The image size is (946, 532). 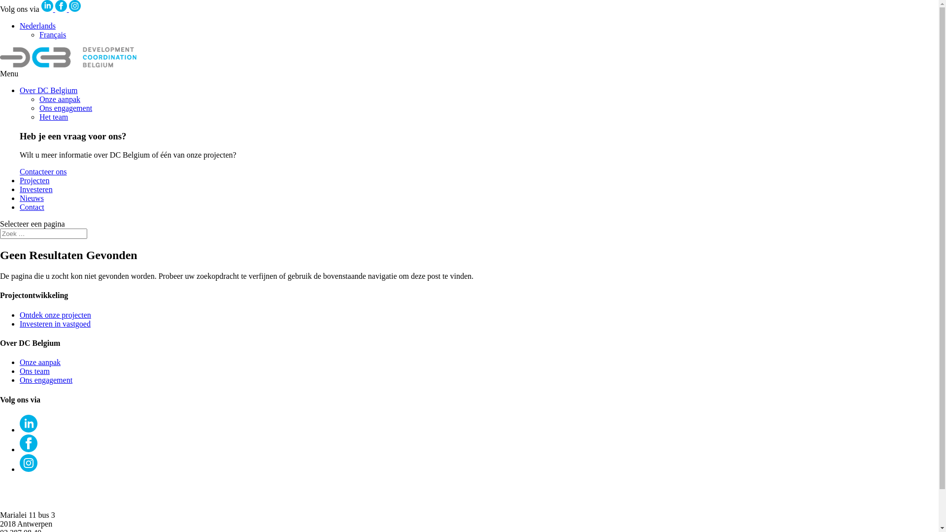 I want to click on 'Ontdek onze projecten', so click(x=19, y=315).